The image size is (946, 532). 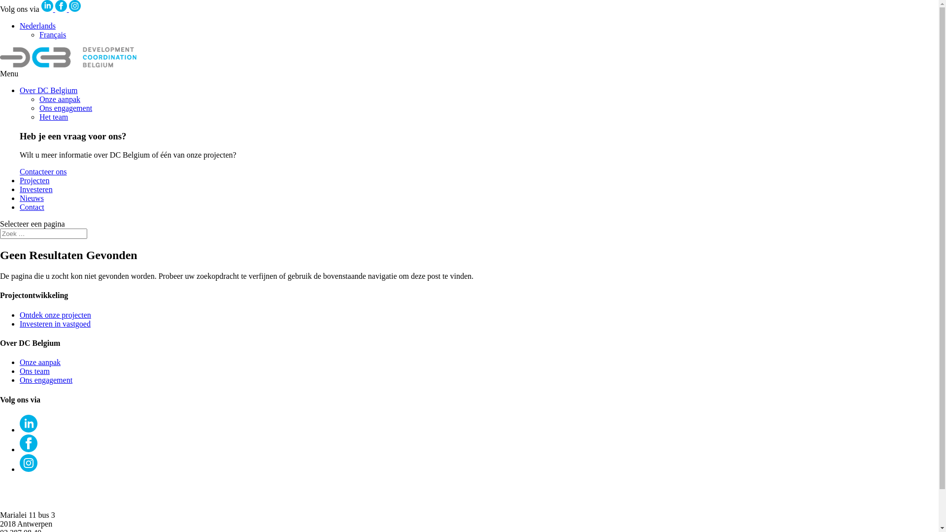 I want to click on 'Ontdek onze projecten', so click(x=19, y=315).